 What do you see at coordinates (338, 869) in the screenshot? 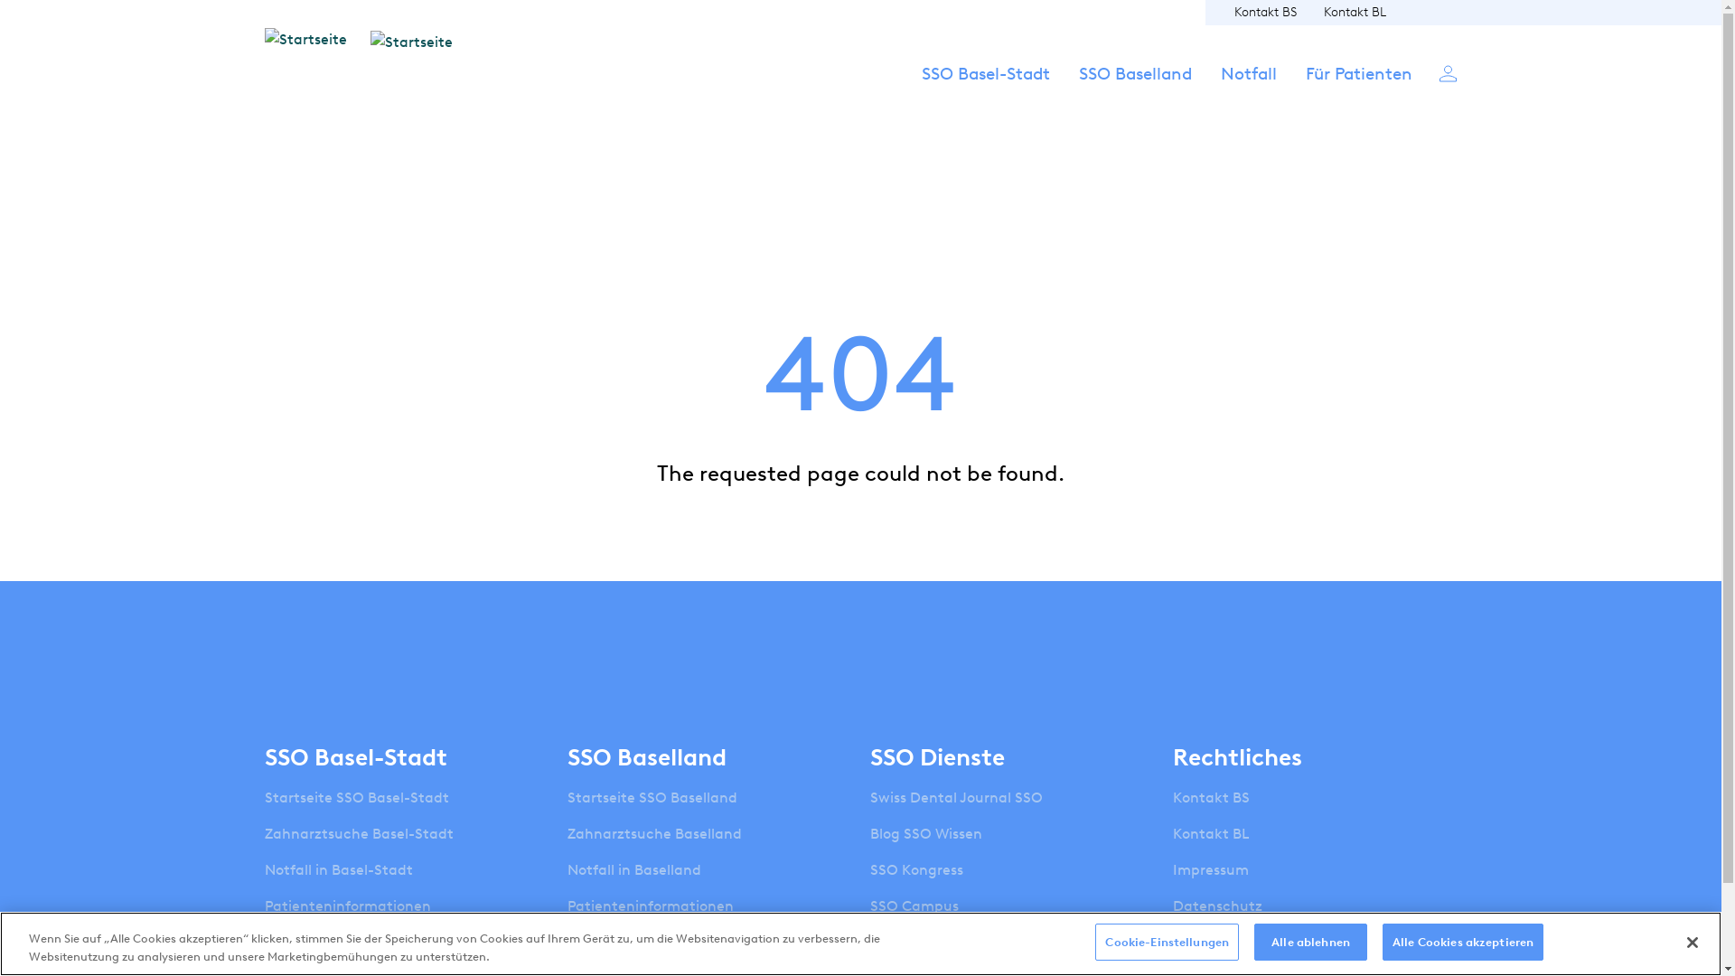
I see `'Notfall in Basel-Stadt'` at bounding box center [338, 869].